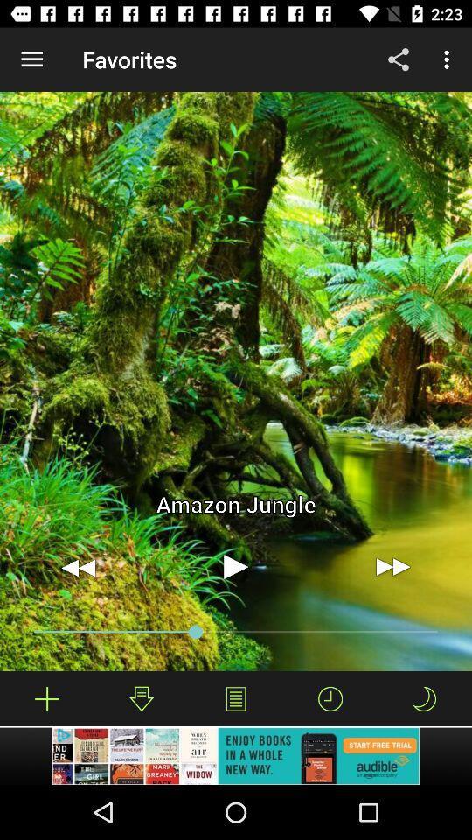 This screenshot has width=472, height=840. What do you see at coordinates (78, 566) in the screenshot?
I see `previous` at bounding box center [78, 566].